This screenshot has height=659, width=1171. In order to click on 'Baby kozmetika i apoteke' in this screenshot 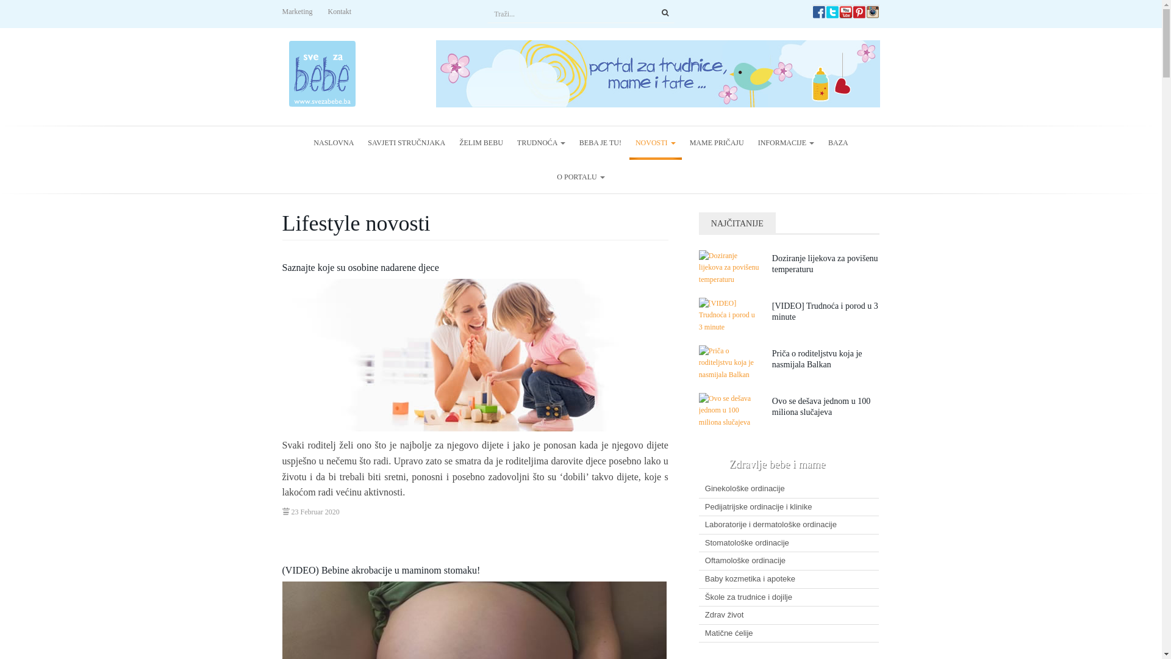, I will do `click(789, 578)`.